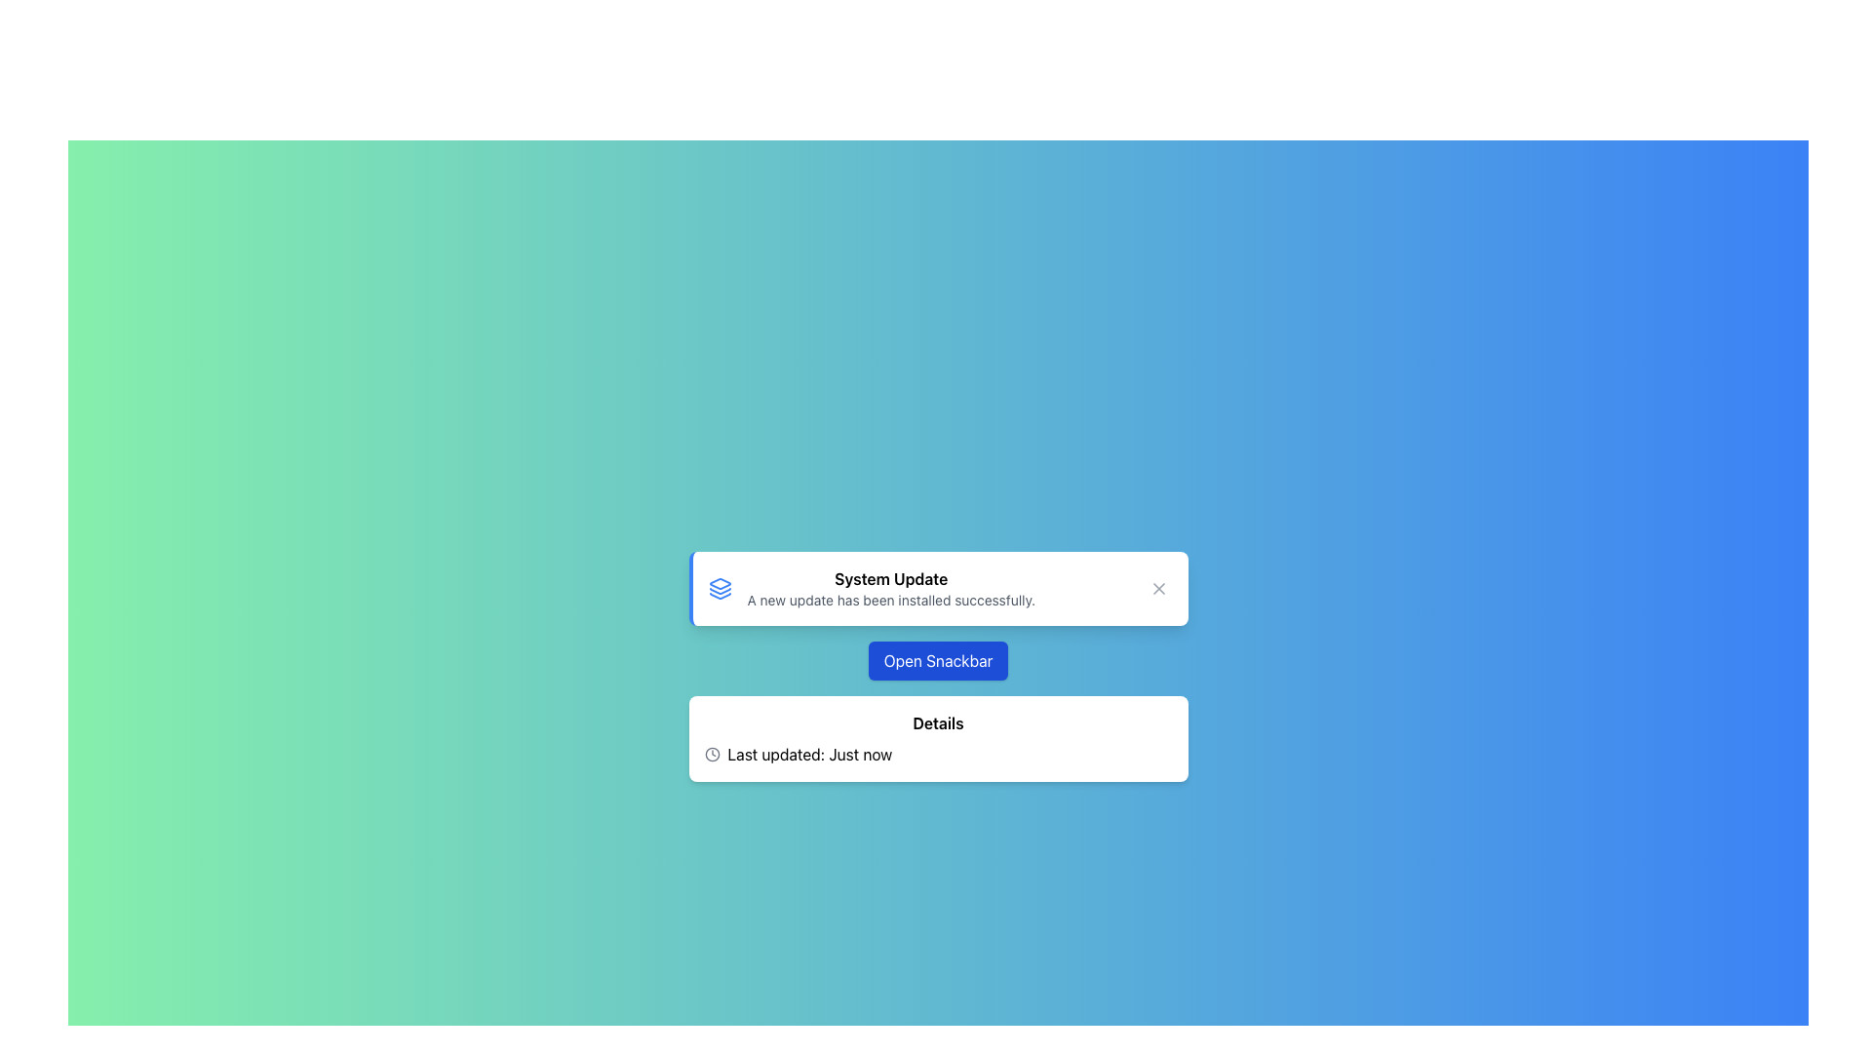  I want to click on the clock icon located to the left of the 'Last updated: Just now' text label, so click(711, 754).